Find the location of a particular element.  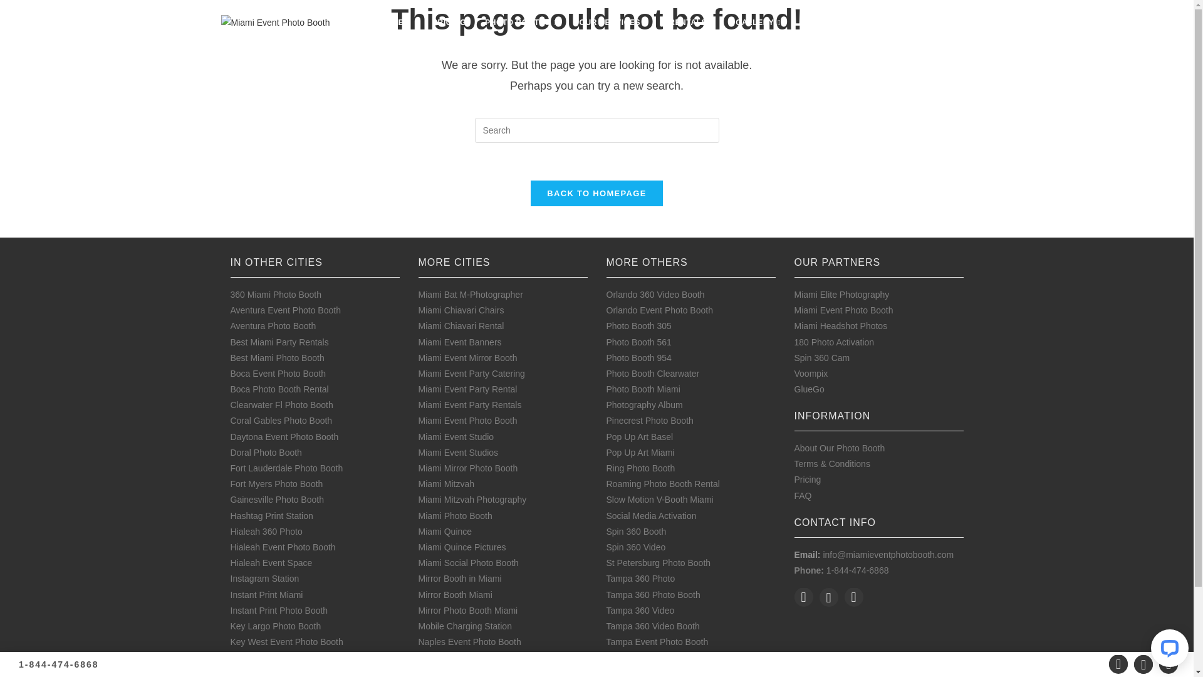

'Miami Event Party Rental' is located at coordinates (418, 389).